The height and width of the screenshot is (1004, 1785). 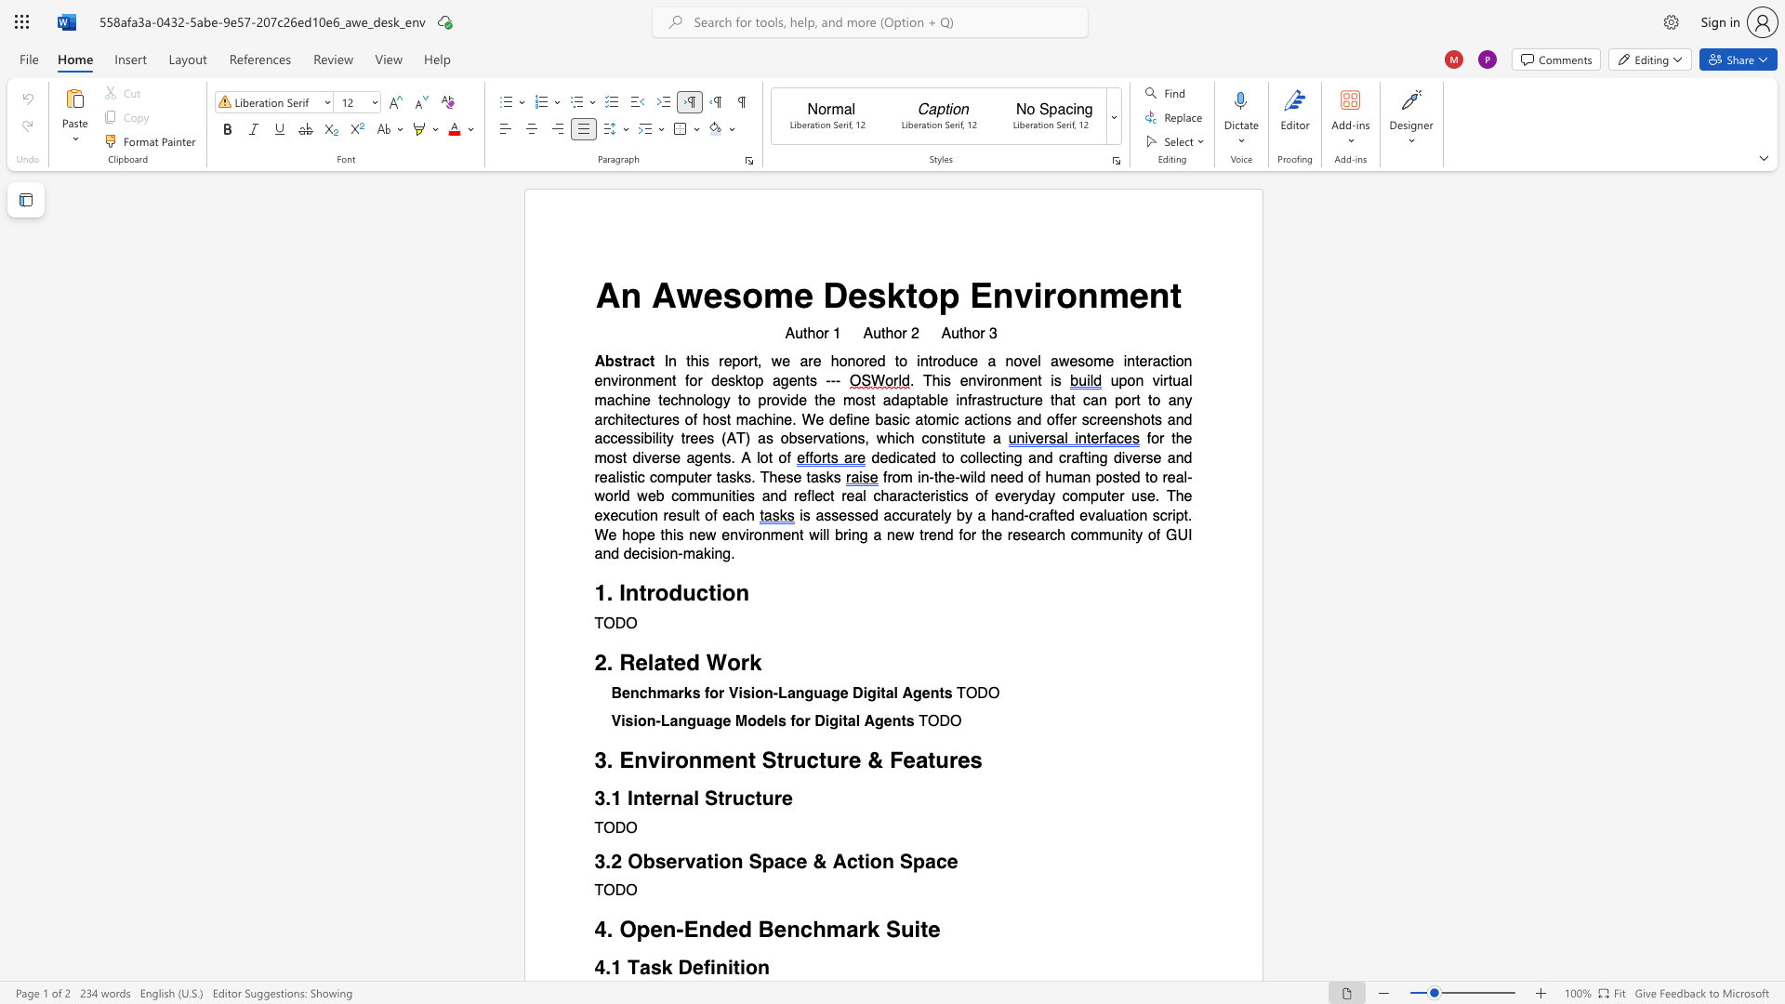 I want to click on the space between the continuous character "e" and "w" in the text, so click(x=705, y=535).